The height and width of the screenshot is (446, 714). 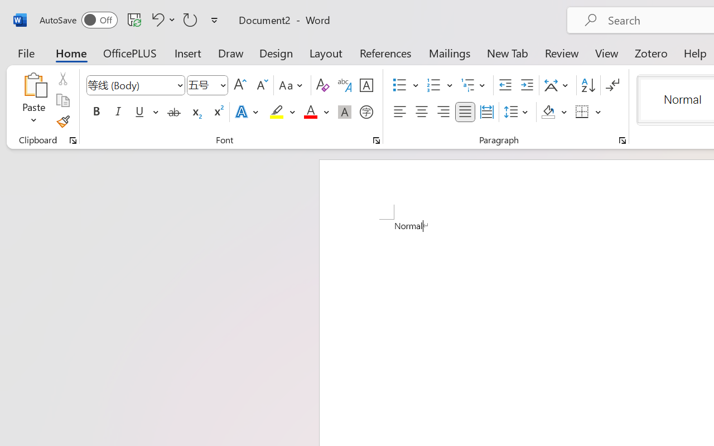 What do you see at coordinates (548, 112) in the screenshot?
I see `'Shading RGB(0, 0, 0)'` at bounding box center [548, 112].